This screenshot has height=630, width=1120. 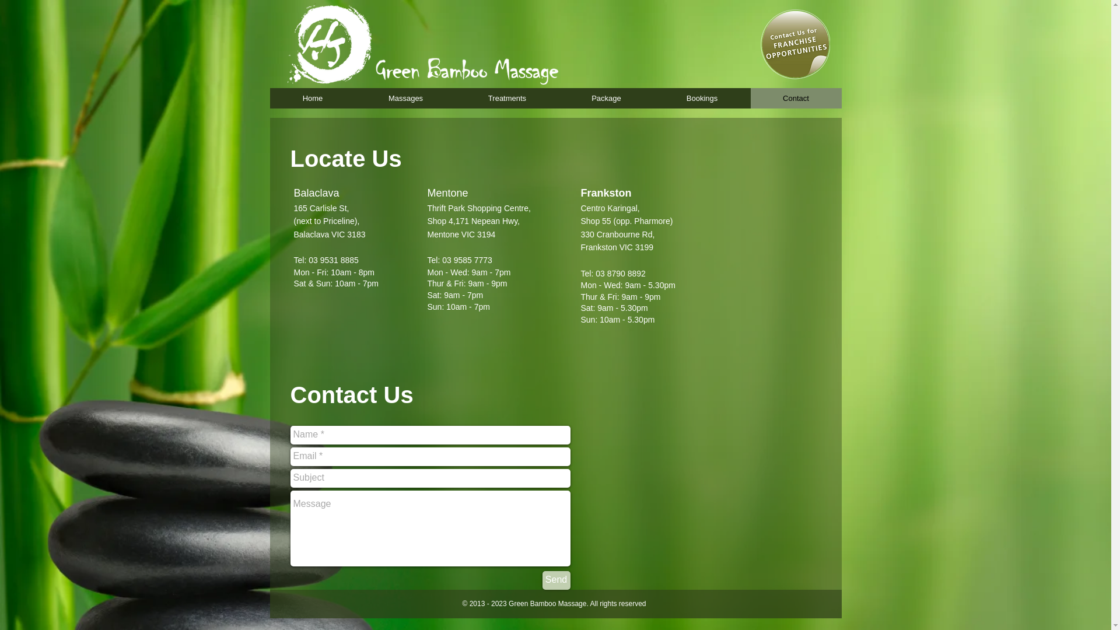 What do you see at coordinates (701, 97) in the screenshot?
I see `'Bookings'` at bounding box center [701, 97].